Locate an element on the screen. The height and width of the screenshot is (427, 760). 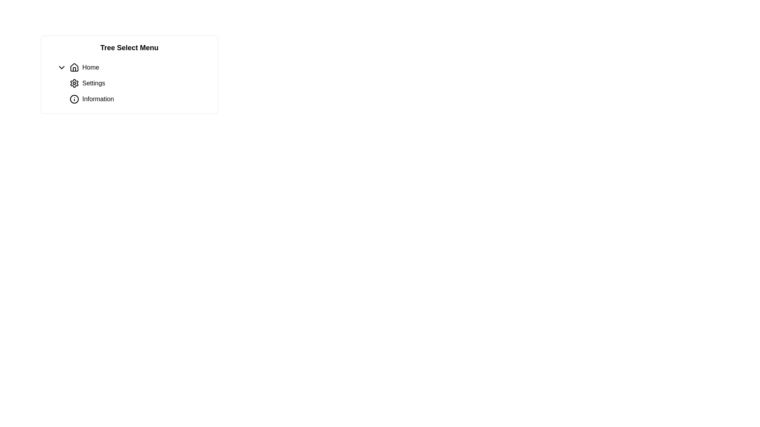
the house-shaped icon located within the 'Home' option of the 'Tree Select Menu', positioned just to the left of the highlighted text label 'Home' is located at coordinates (74, 67).